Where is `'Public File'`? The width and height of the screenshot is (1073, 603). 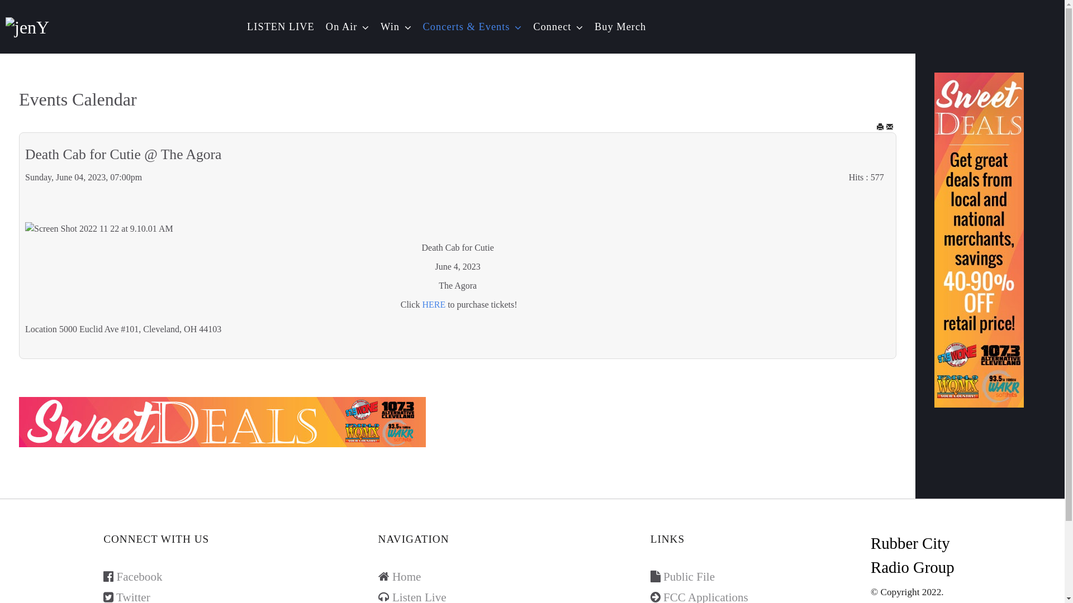 'Public File' is located at coordinates (663, 577).